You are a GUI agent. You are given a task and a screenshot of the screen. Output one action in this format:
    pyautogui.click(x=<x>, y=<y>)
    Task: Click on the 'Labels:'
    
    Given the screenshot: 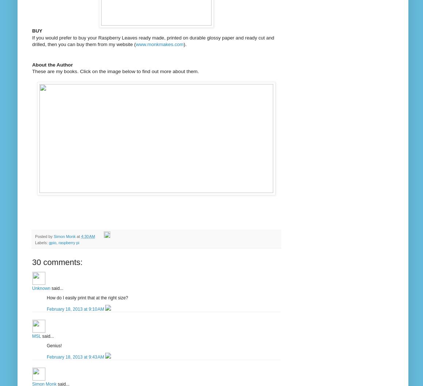 What is the action you would take?
    pyautogui.click(x=42, y=243)
    